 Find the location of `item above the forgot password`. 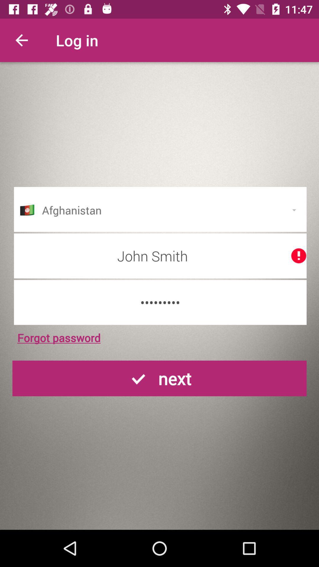

item above the forgot password is located at coordinates (160, 302).